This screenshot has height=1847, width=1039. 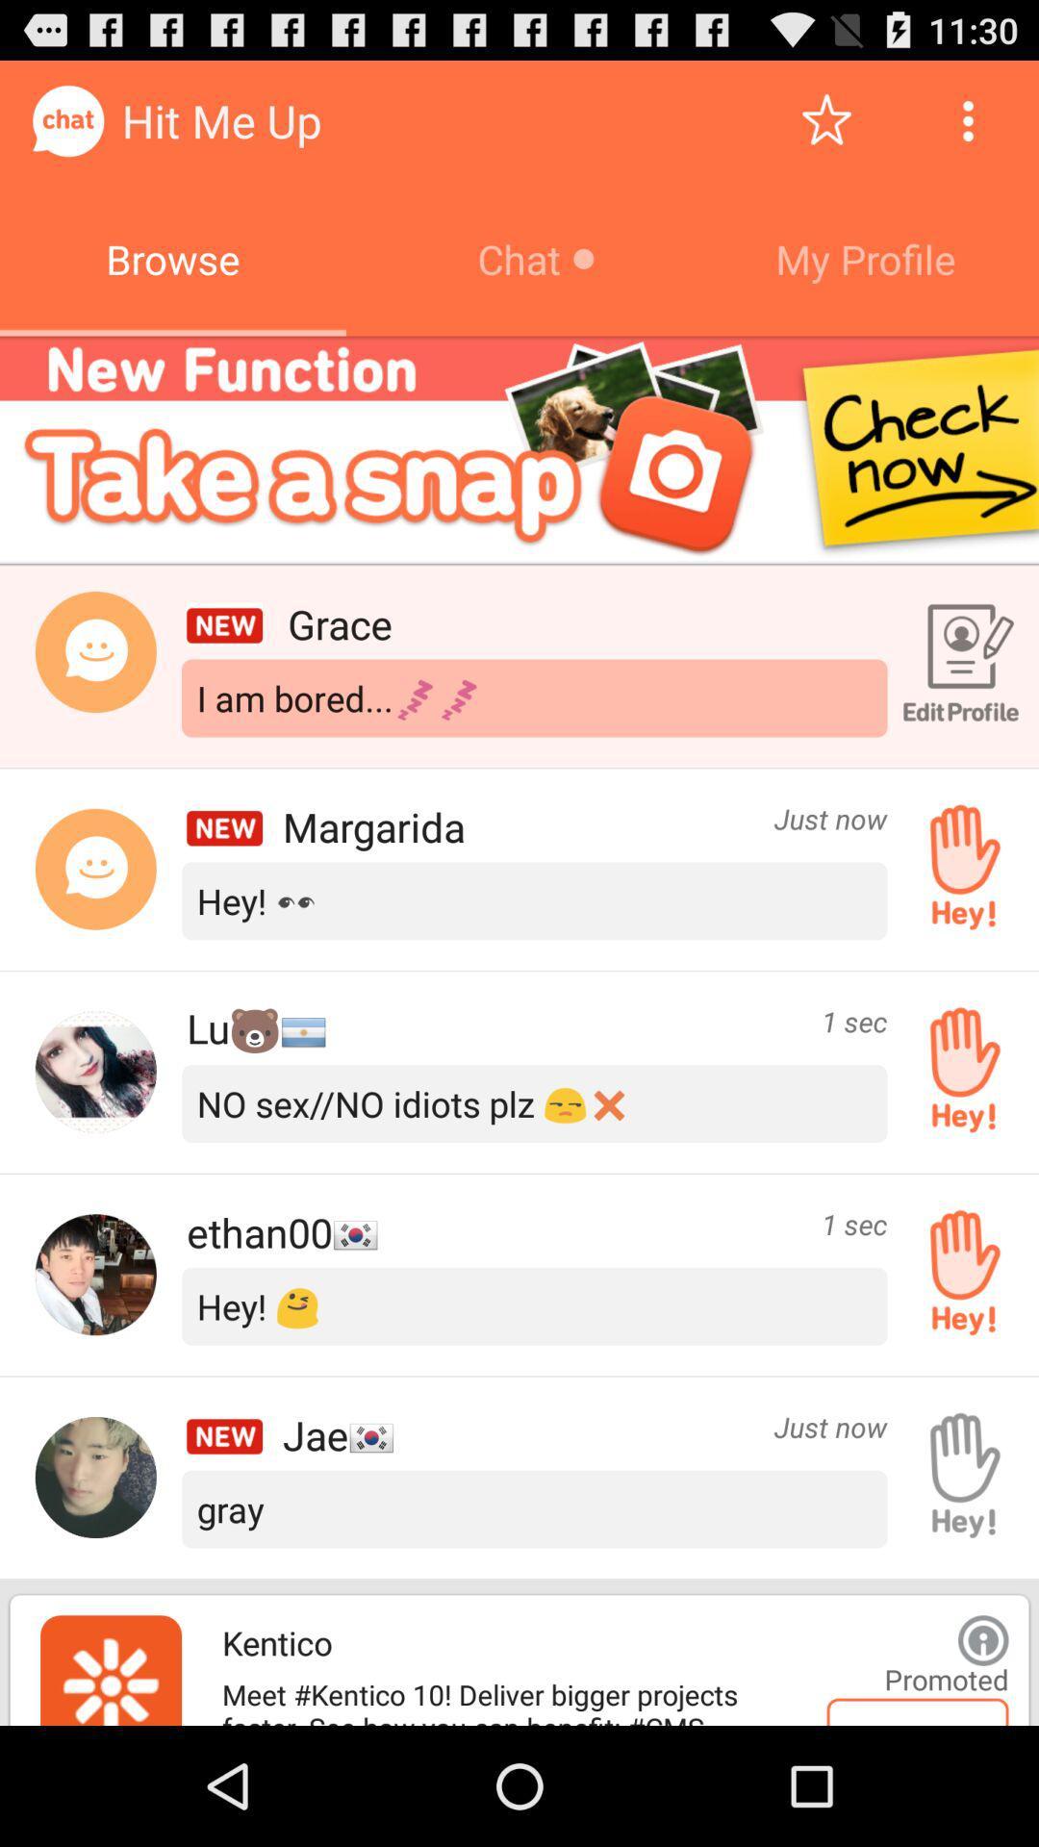 What do you see at coordinates (983, 1639) in the screenshot?
I see `show info` at bounding box center [983, 1639].